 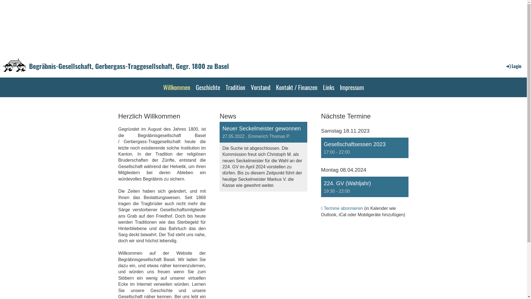 What do you see at coordinates (208, 87) in the screenshot?
I see `'Geschichte'` at bounding box center [208, 87].